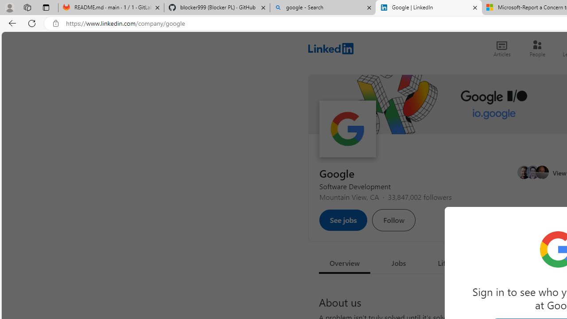  What do you see at coordinates (428, 8) in the screenshot?
I see `'Google | LinkedIn'` at bounding box center [428, 8].